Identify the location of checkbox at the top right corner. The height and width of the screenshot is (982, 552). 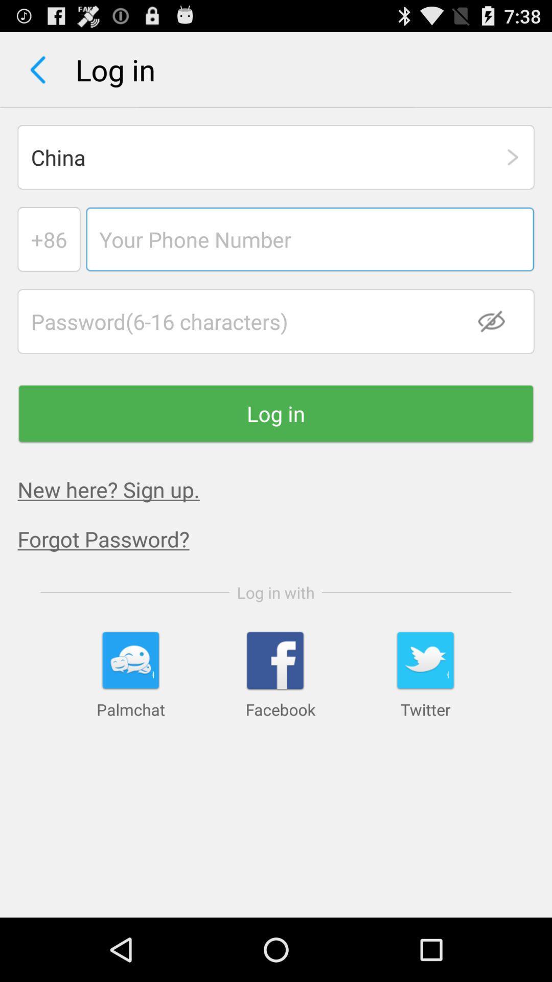
(497, 321).